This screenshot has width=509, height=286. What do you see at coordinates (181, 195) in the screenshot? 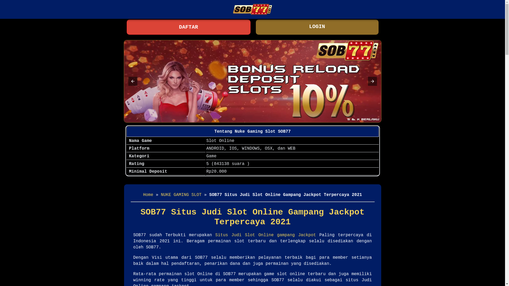
I see `'NUKE GAMING SLOT'` at bounding box center [181, 195].